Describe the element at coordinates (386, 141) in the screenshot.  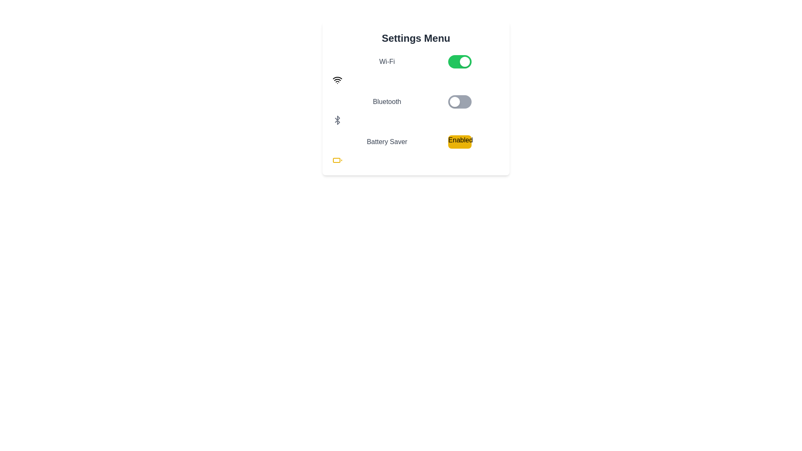
I see `the 'Battery Saver' label located in the third row of the settings options, below the Bluetooth toggle and to the left of the 'Enabled' indicator` at that location.